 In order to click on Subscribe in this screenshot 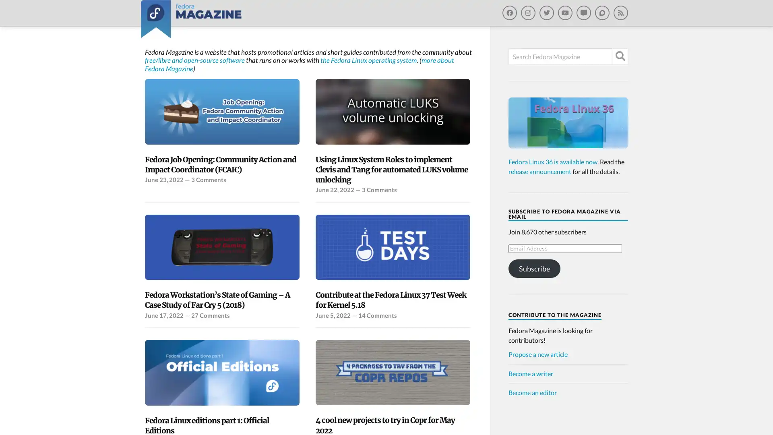, I will do `click(534, 269)`.